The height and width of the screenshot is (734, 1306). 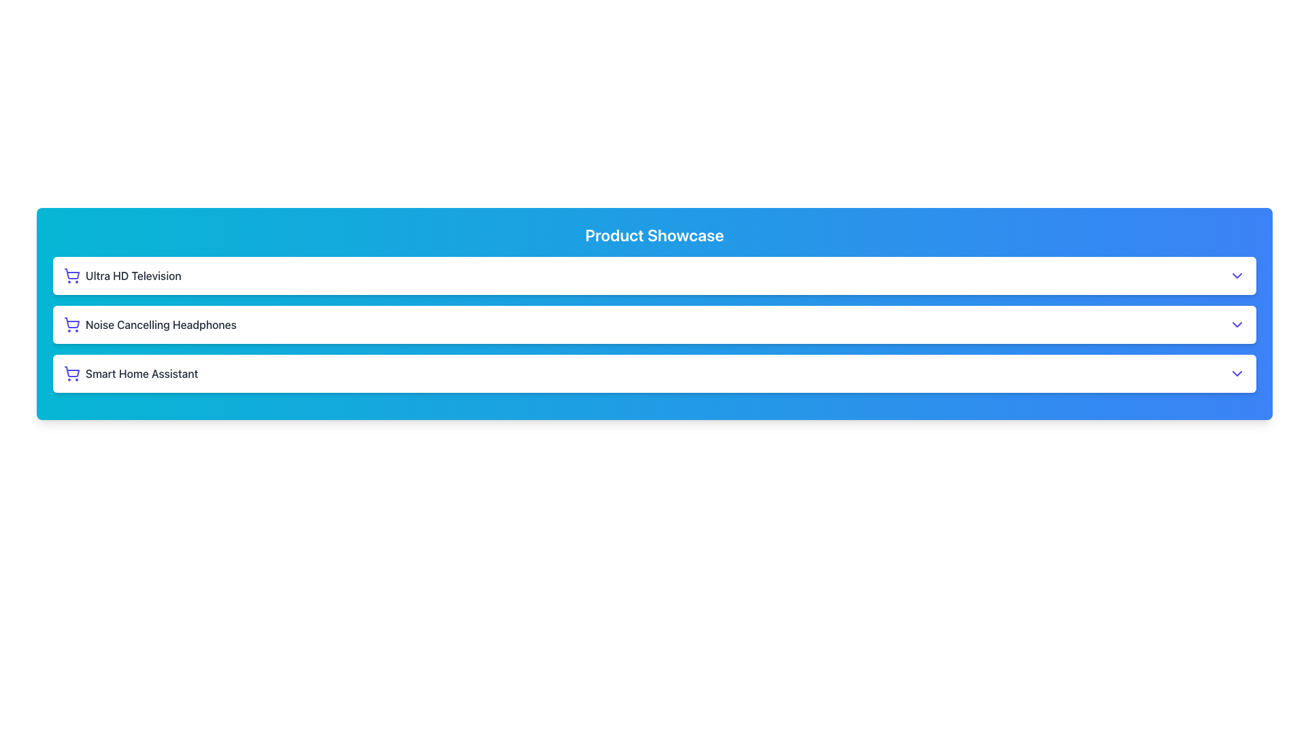 What do you see at coordinates (71, 323) in the screenshot?
I see `the light blue shopping cart icon located next to the 'Noise Cancelling Headphones' label` at bounding box center [71, 323].